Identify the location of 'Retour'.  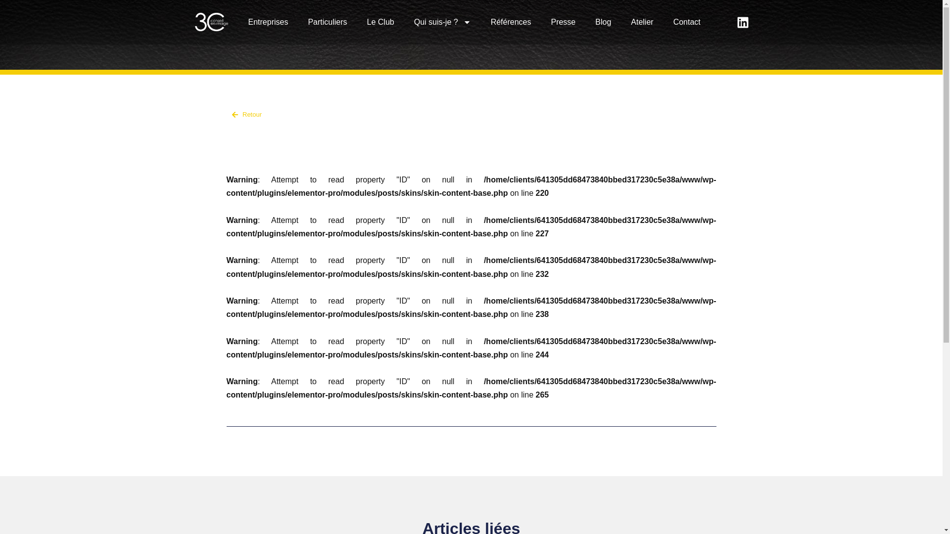
(346, 114).